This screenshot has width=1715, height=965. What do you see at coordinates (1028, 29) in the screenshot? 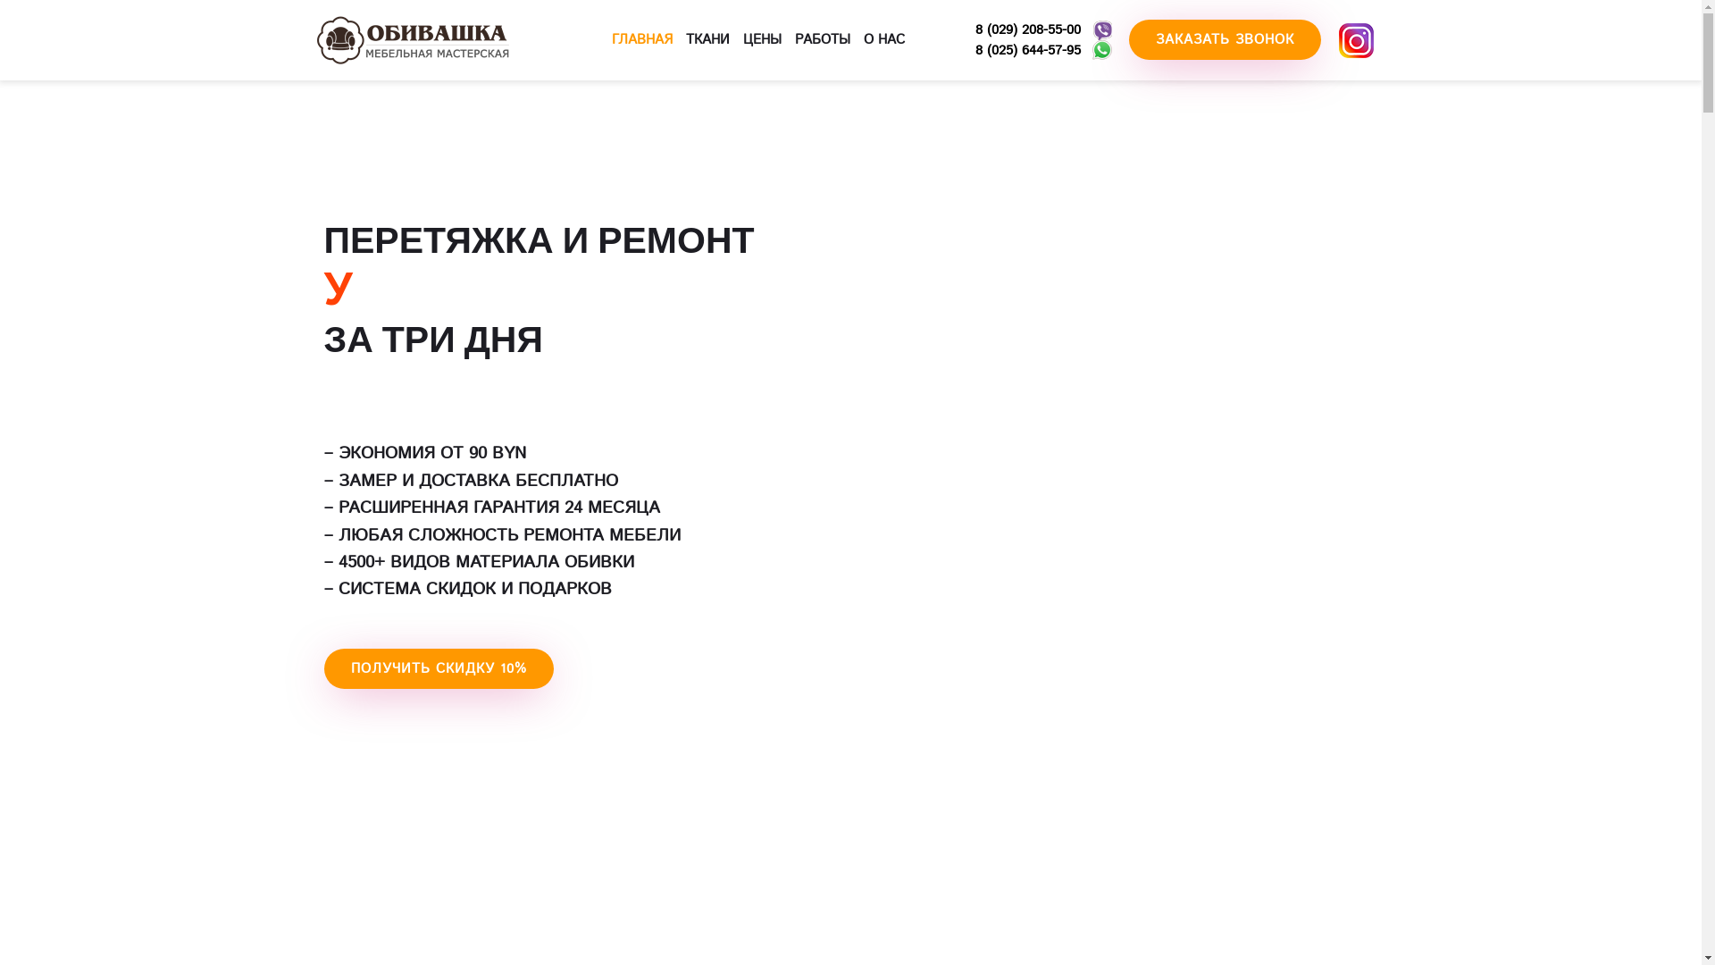
I see `'8 (029) 208-55-00'` at bounding box center [1028, 29].